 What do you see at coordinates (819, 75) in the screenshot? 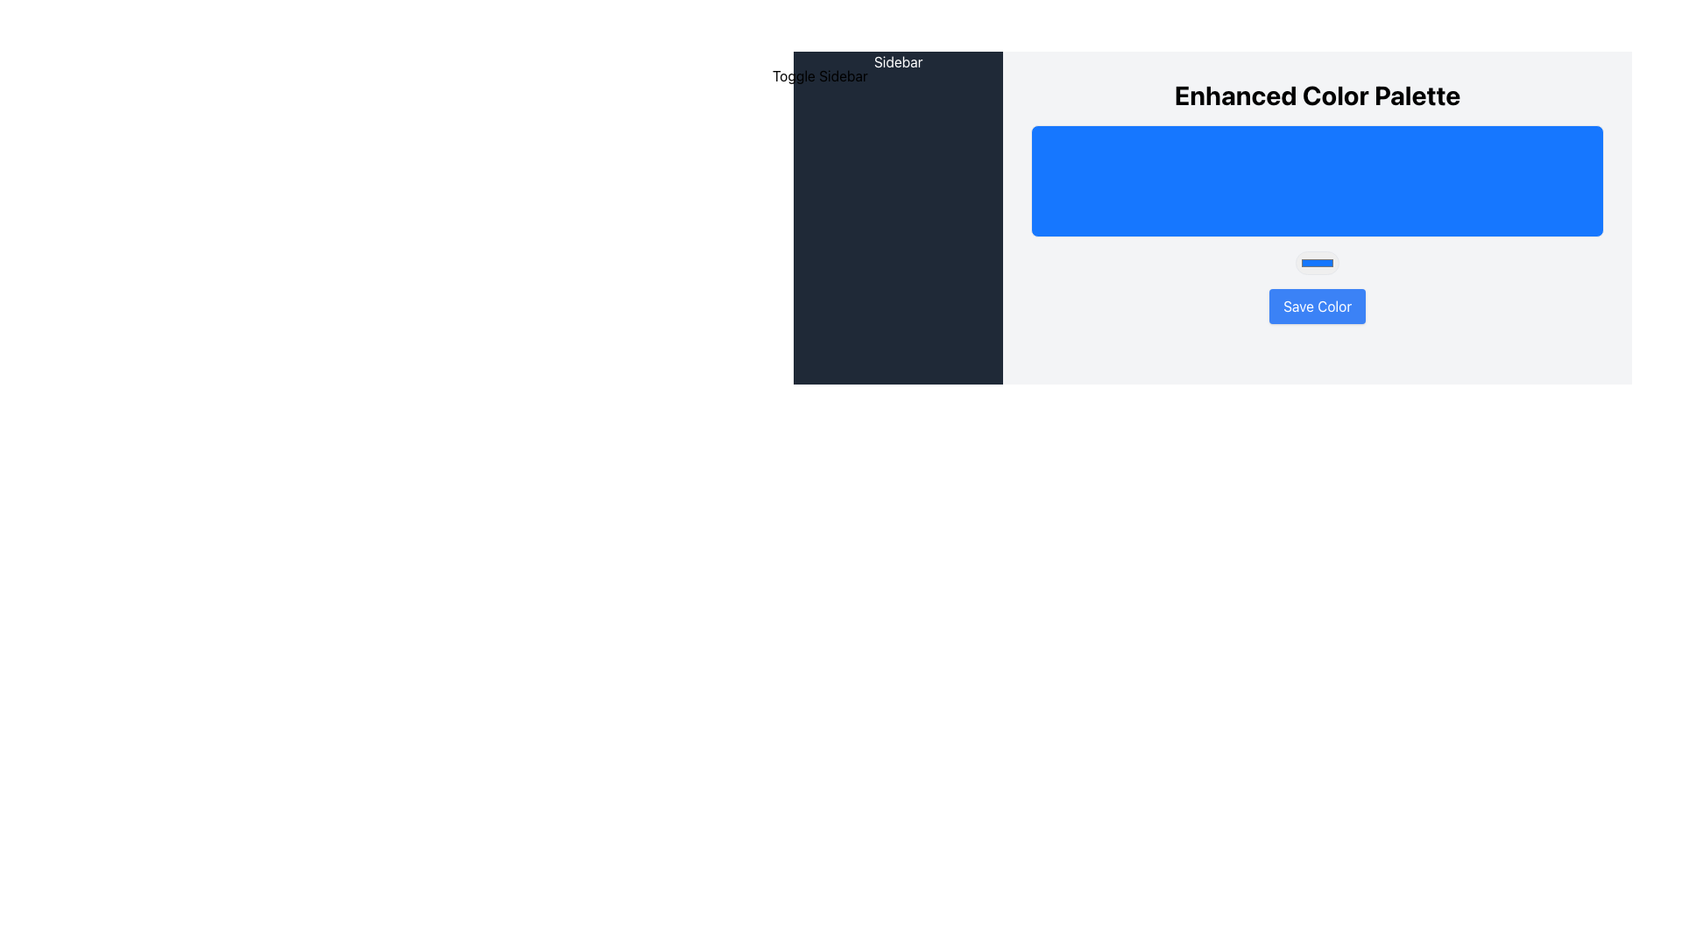
I see `the button located at the top left corner of the interface, which controls the visibility of the sidebar` at bounding box center [819, 75].